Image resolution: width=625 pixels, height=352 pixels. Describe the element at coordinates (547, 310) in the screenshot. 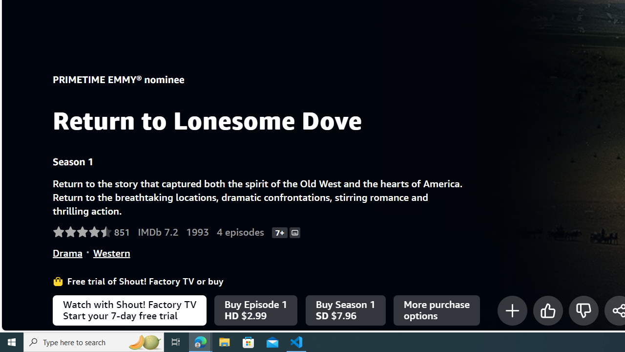

I see `'Like'` at that location.